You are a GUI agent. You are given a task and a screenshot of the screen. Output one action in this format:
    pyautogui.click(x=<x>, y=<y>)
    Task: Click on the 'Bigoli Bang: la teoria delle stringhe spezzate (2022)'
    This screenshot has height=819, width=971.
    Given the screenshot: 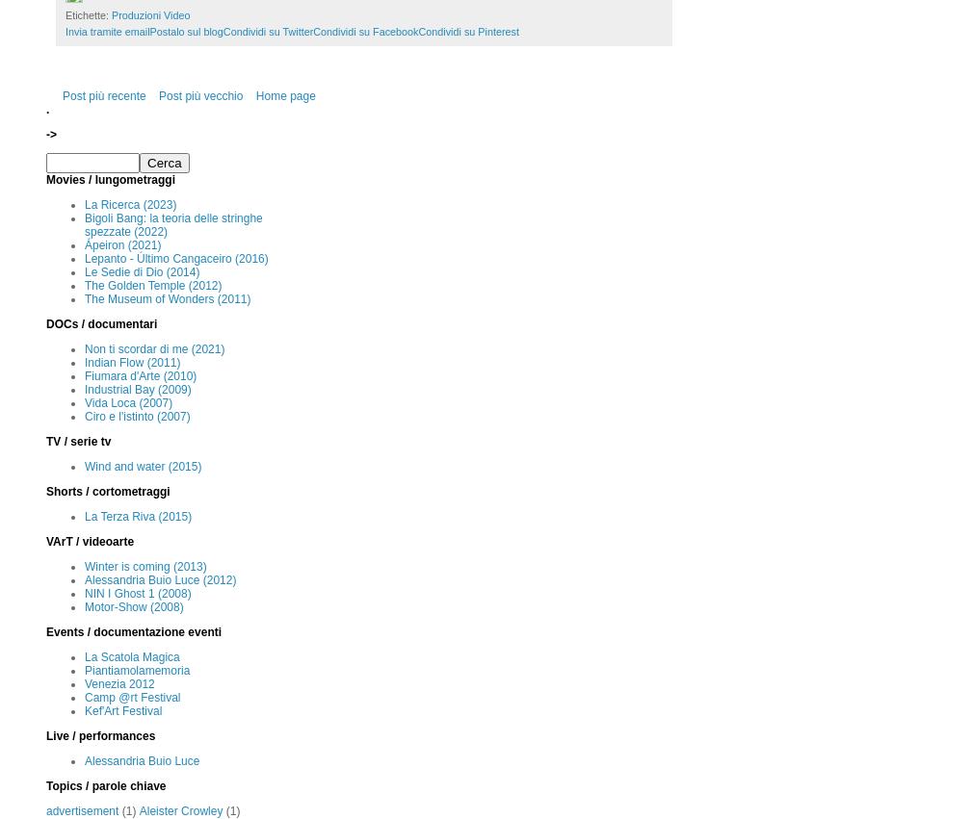 What is the action you would take?
    pyautogui.click(x=173, y=224)
    